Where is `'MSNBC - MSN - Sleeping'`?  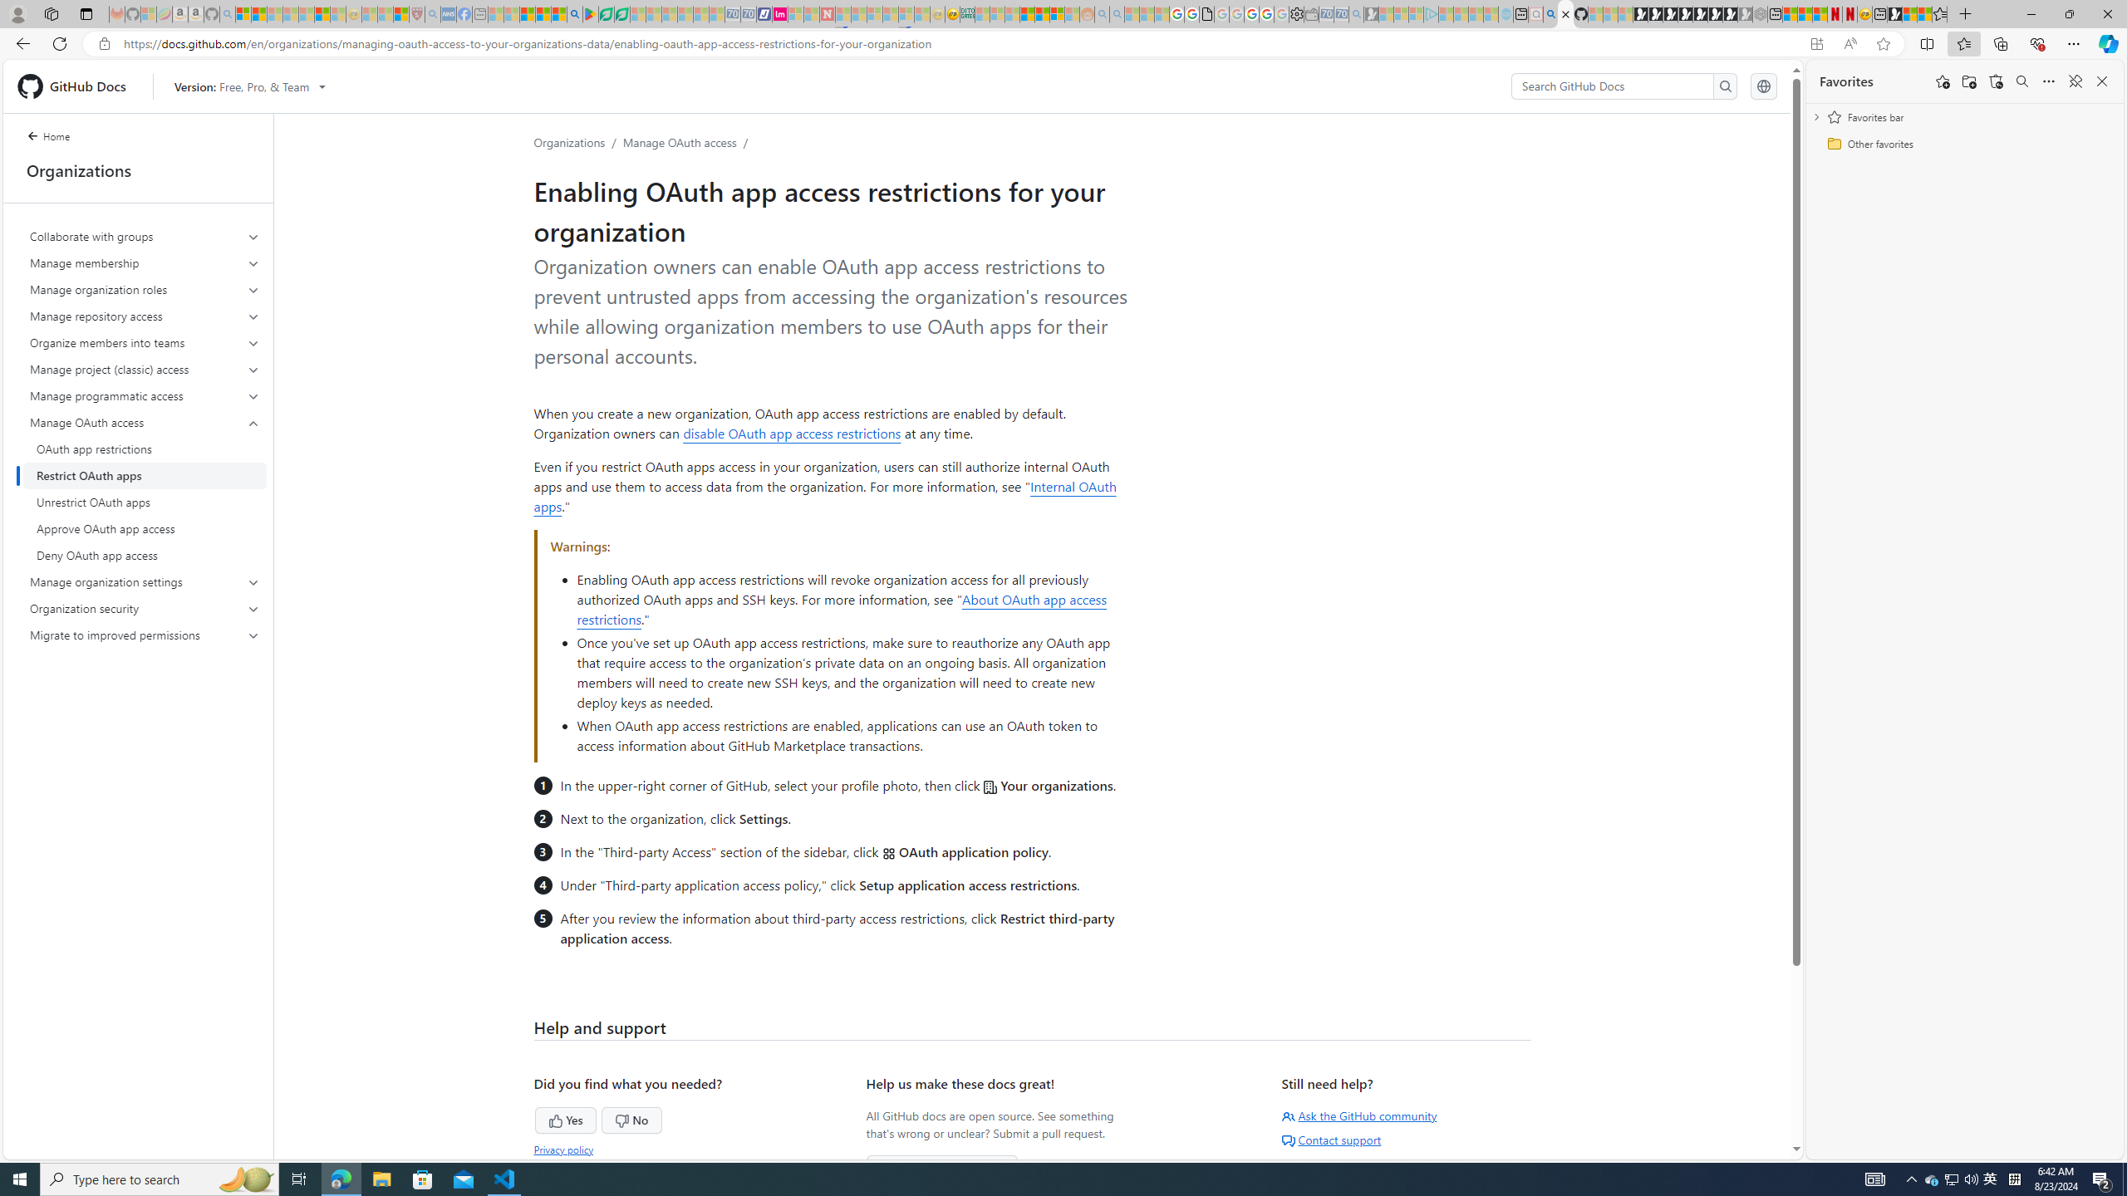
'MSNBC - MSN - Sleeping' is located at coordinates (982, 13).